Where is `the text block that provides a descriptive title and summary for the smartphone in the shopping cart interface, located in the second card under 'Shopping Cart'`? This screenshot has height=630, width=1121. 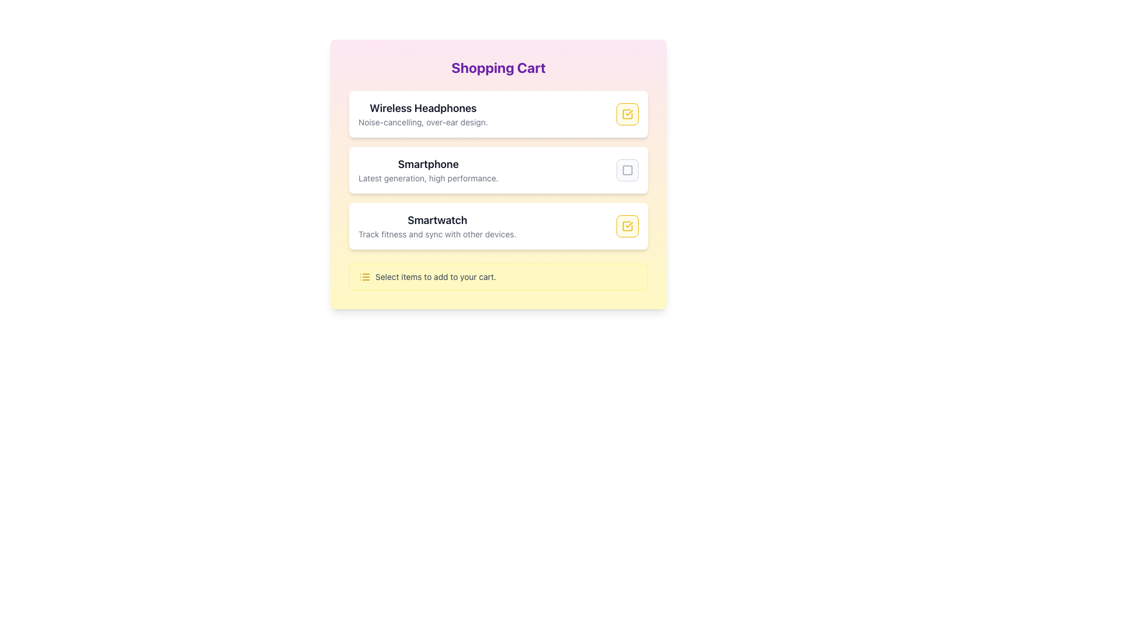 the text block that provides a descriptive title and summary for the smartphone in the shopping cart interface, located in the second card under 'Shopping Cart' is located at coordinates (427, 170).